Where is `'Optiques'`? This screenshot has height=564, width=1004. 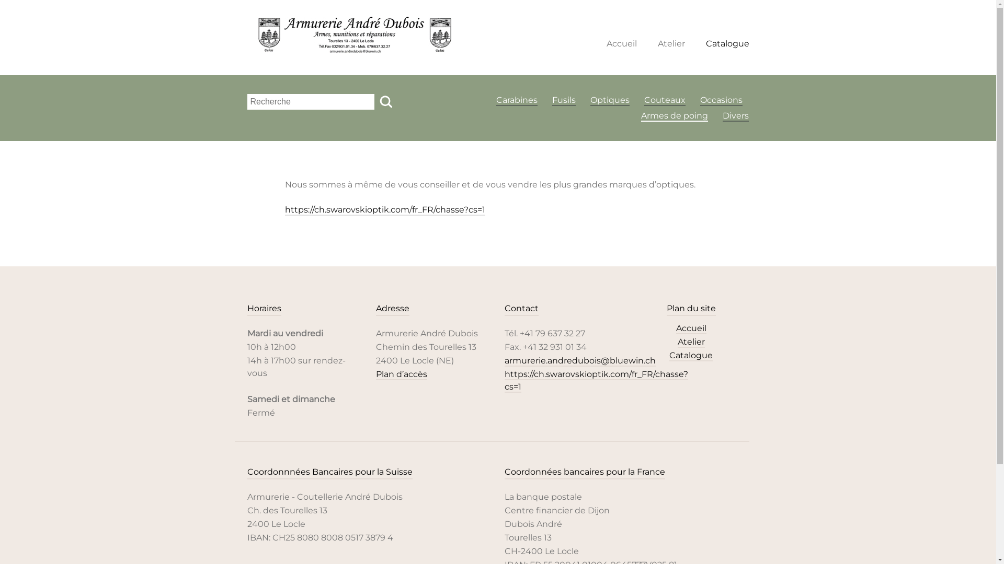
'Optiques' is located at coordinates (610, 100).